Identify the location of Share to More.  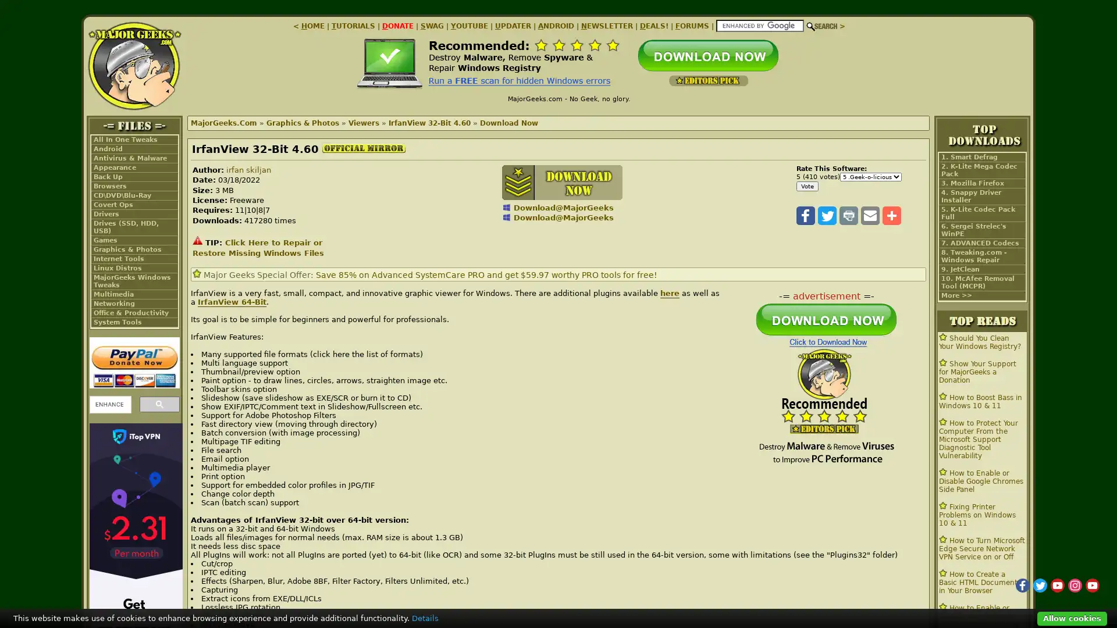
(891, 215).